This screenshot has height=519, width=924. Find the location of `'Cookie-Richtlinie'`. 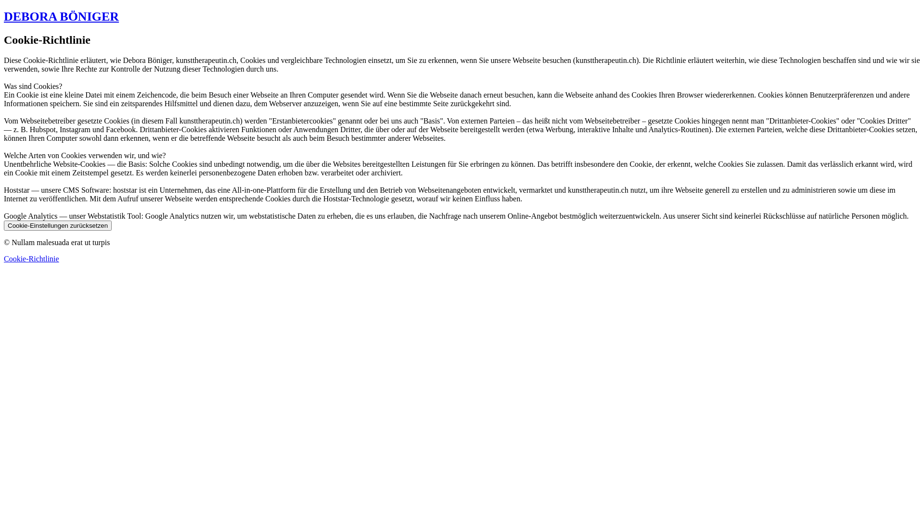

'Cookie-Richtlinie' is located at coordinates (31, 258).